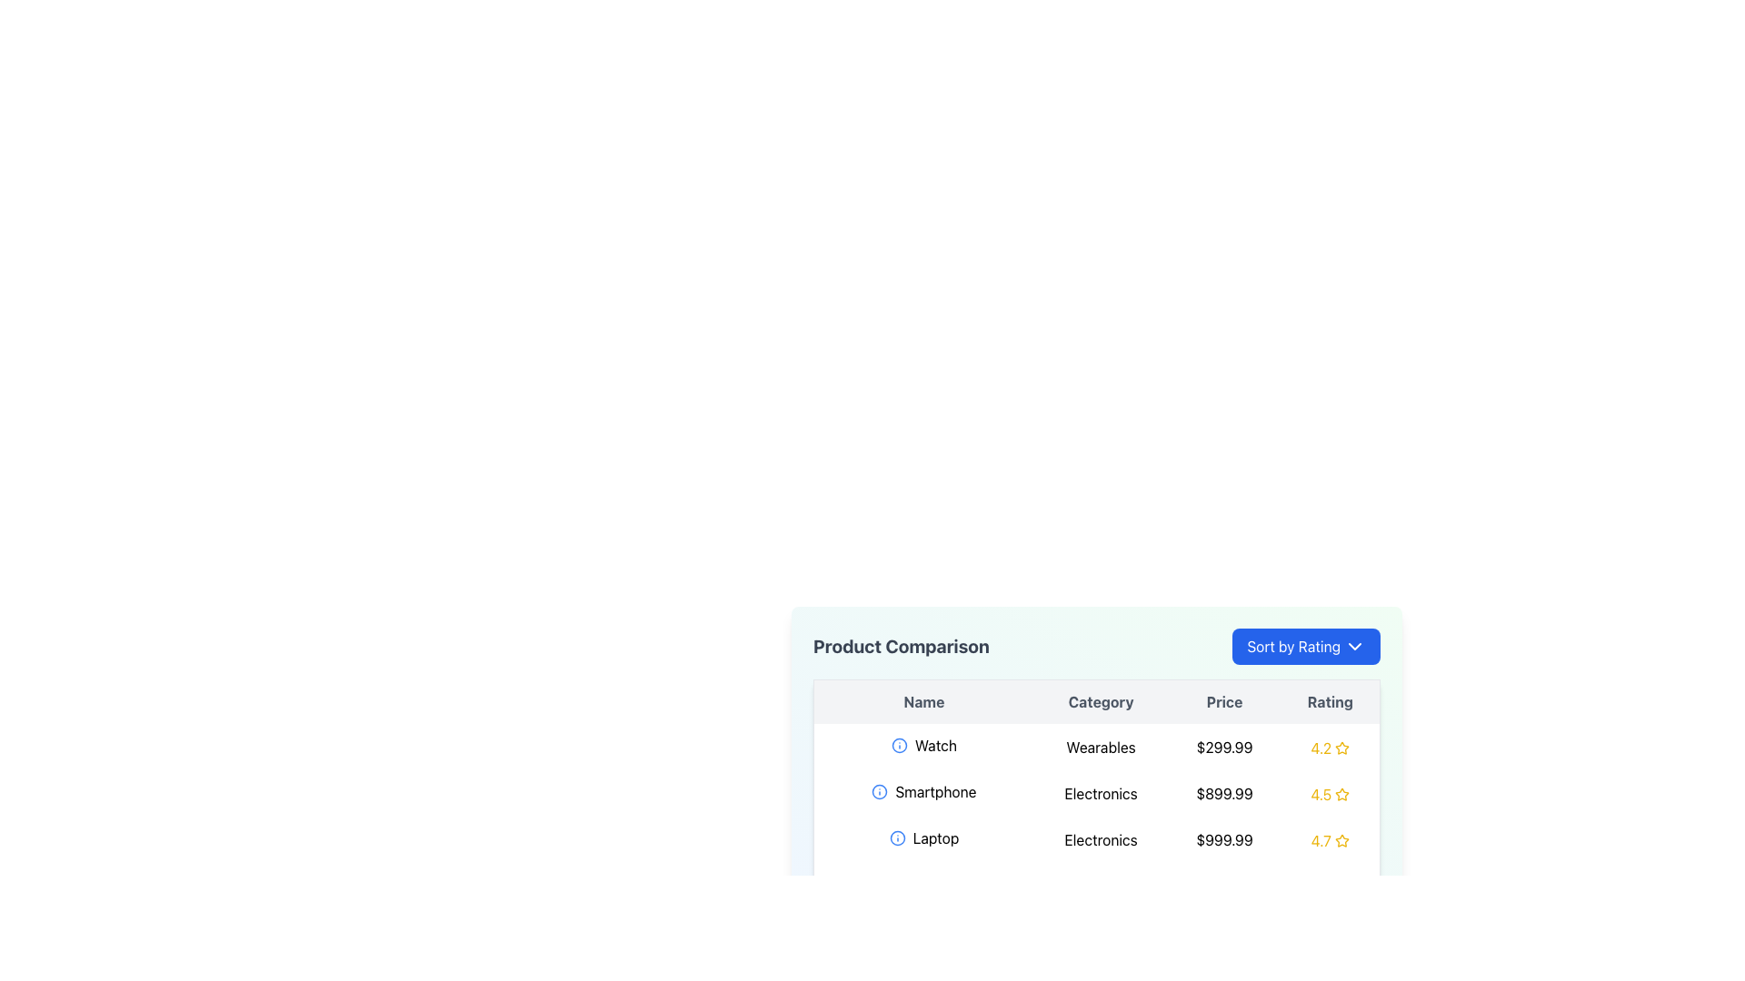  Describe the element at coordinates (1342, 794) in the screenshot. I see `the star icon located next to the '4.5' rating in the 'Rating' column of the second row of the product comparison table for interaction` at that location.